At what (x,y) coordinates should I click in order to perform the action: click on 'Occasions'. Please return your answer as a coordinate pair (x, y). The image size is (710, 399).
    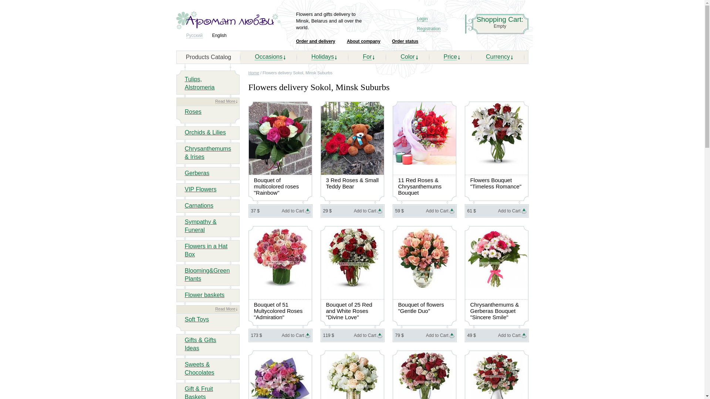
    Looking at the image, I should click on (268, 57).